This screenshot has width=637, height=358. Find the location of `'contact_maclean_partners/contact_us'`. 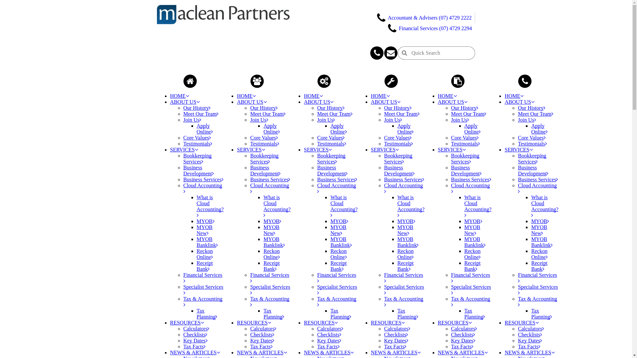

'contact_maclean_partners/contact_us' is located at coordinates (377, 52).